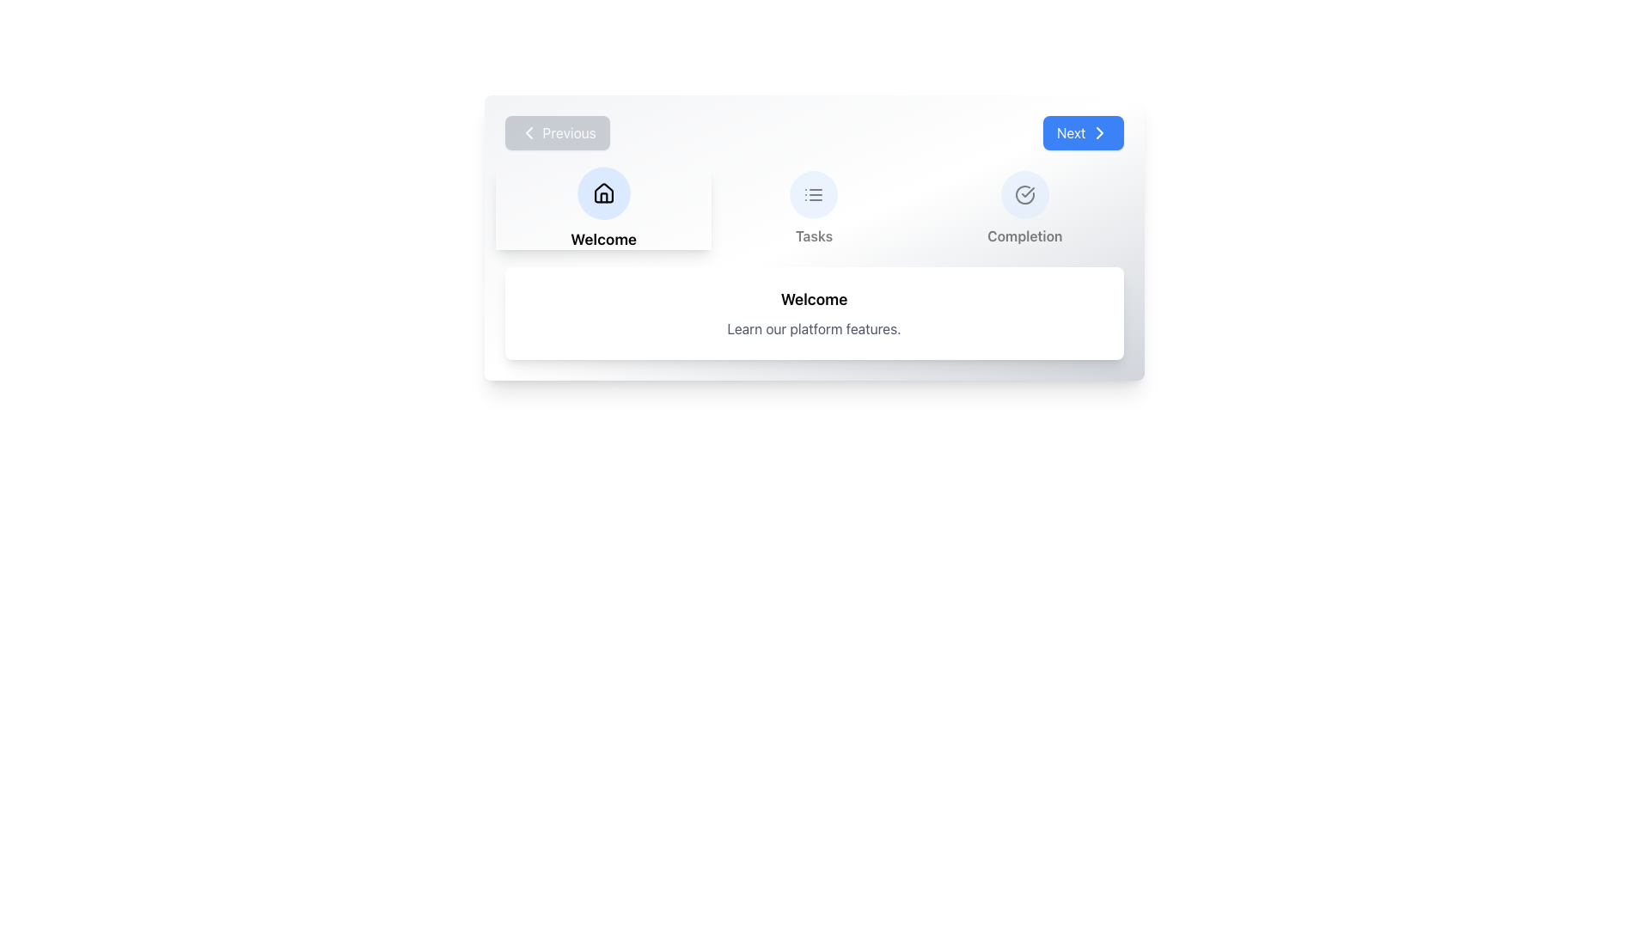 Image resolution: width=1650 pixels, height=928 pixels. I want to click on text label located beneath the circular icon in the third position, which provides a description for user navigation between the 'Welcome' and 'Completion' sections, so click(813, 235).